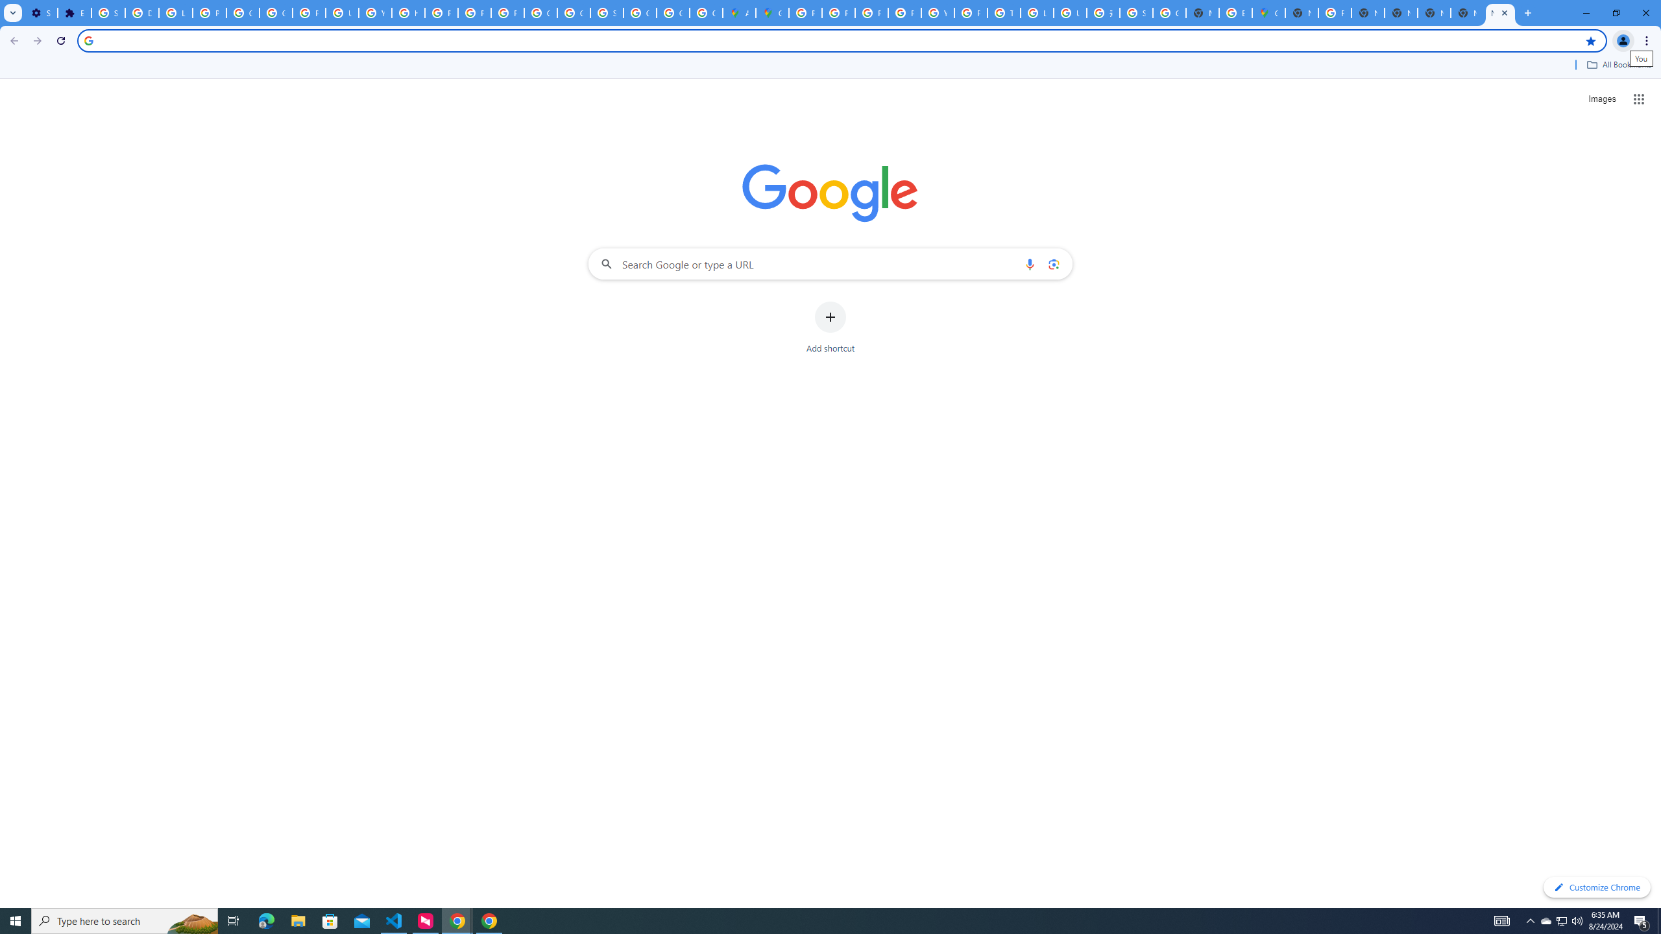 The height and width of the screenshot is (934, 1661). What do you see at coordinates (804, 12) in the screenshot?
I see `'Policy Accountability and Transparency - Transparency Center'` at bounding box center [804, 12].